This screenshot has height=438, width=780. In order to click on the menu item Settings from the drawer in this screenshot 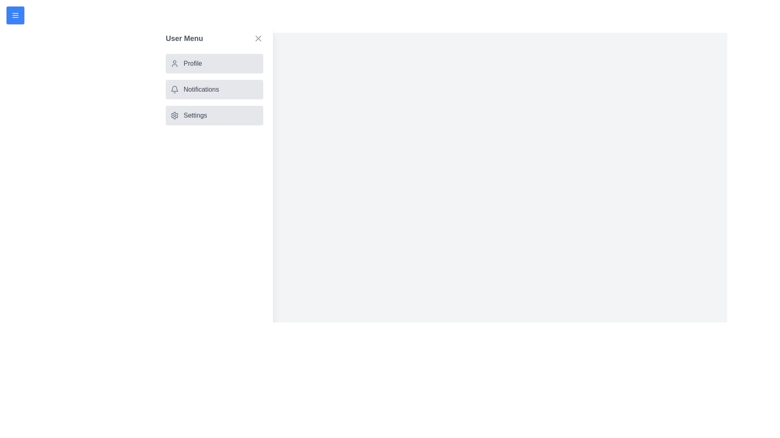, I will do `click(214, 116)`.